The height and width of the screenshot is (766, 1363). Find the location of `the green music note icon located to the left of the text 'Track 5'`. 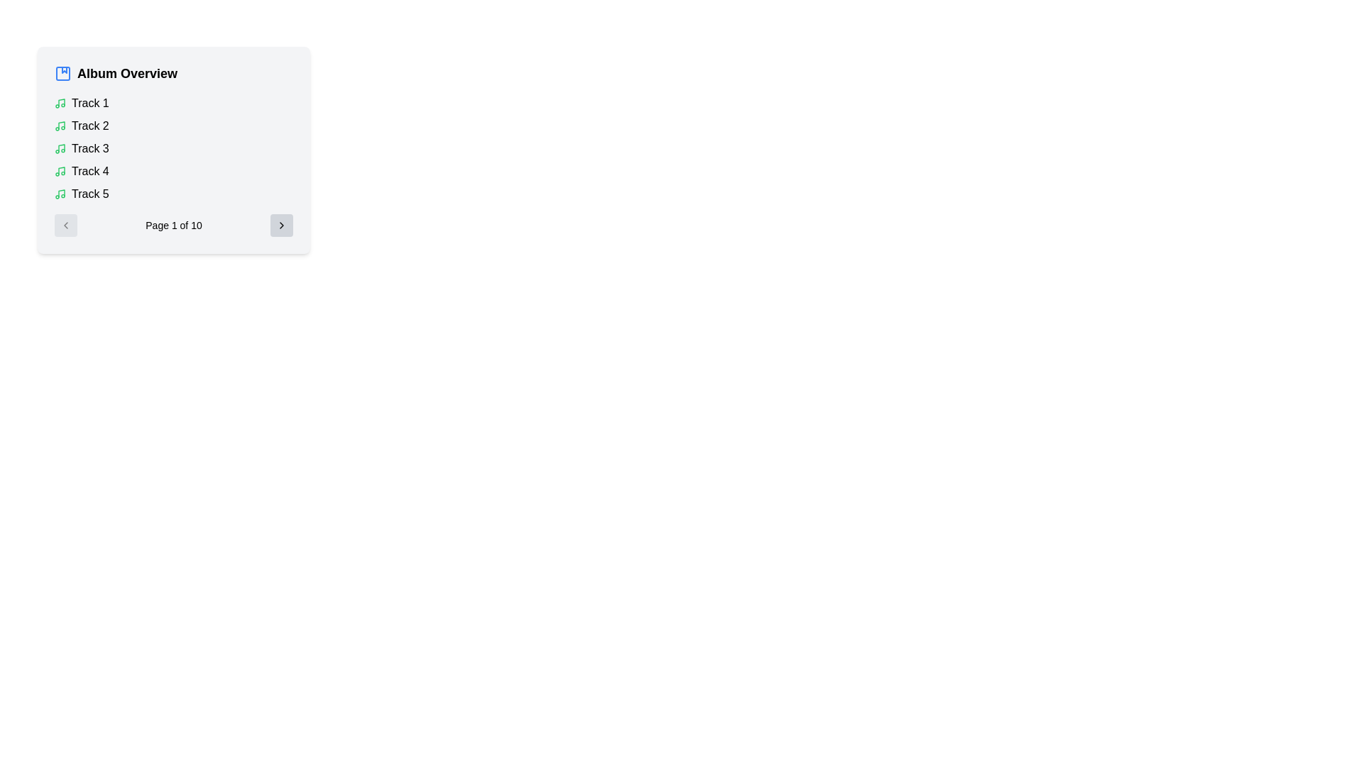

the green music note icon located to the left of the text 'Track 5' is located at coordinates (60, 194).